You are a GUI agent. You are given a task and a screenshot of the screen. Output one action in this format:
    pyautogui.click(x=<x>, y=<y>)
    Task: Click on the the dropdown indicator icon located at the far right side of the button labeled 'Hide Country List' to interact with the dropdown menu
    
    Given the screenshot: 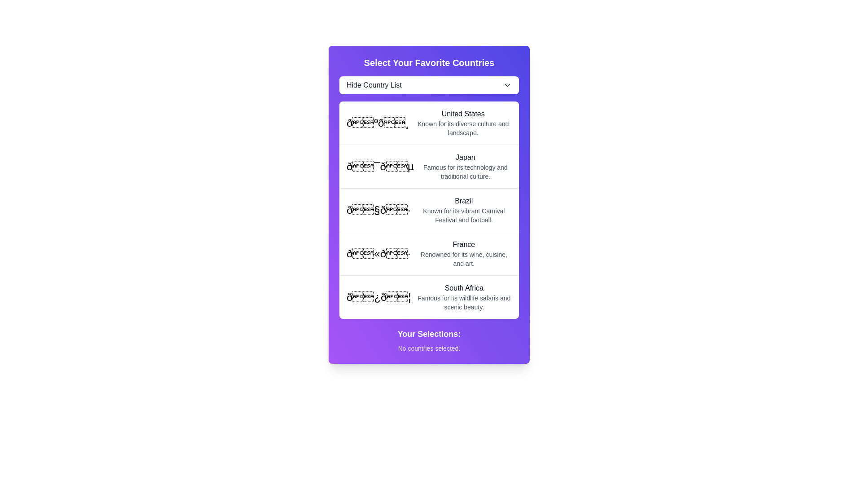 What is the action you would take?
    pyautogui.click(x=507, y=85)
    